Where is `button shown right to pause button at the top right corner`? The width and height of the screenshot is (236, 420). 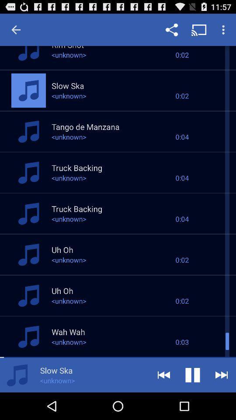 button shown right to pause button at the top right corner is located at coordinates (222, 374).